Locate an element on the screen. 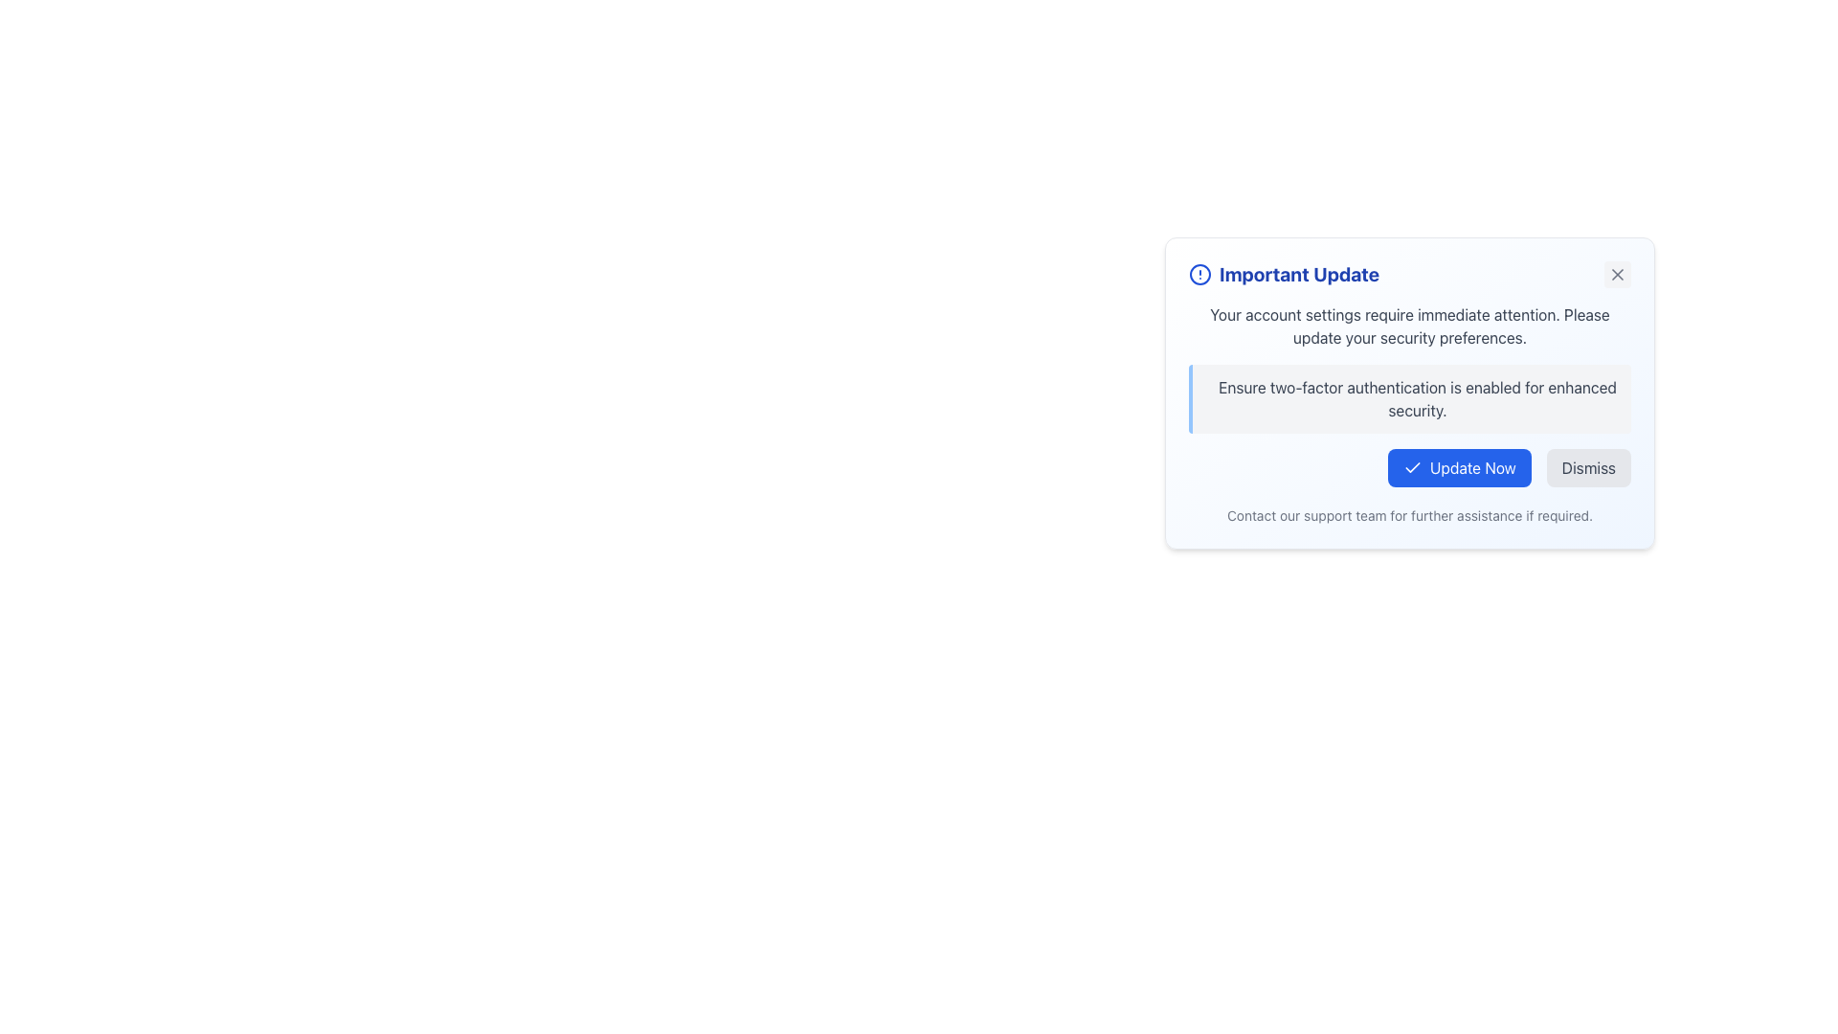 The height and width of the screenshot is (1034, 1838). the 'Update Now' button located in the bottom-right section of the modal dialog box is located at coordinates (1458, 468).